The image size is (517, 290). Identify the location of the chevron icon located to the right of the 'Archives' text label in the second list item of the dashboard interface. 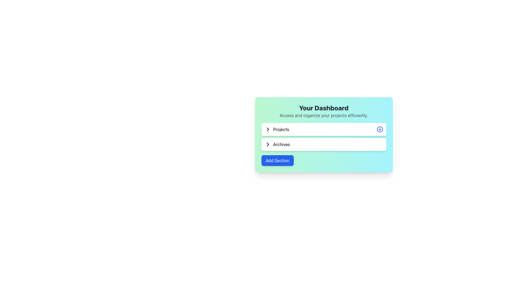
(268, 144).